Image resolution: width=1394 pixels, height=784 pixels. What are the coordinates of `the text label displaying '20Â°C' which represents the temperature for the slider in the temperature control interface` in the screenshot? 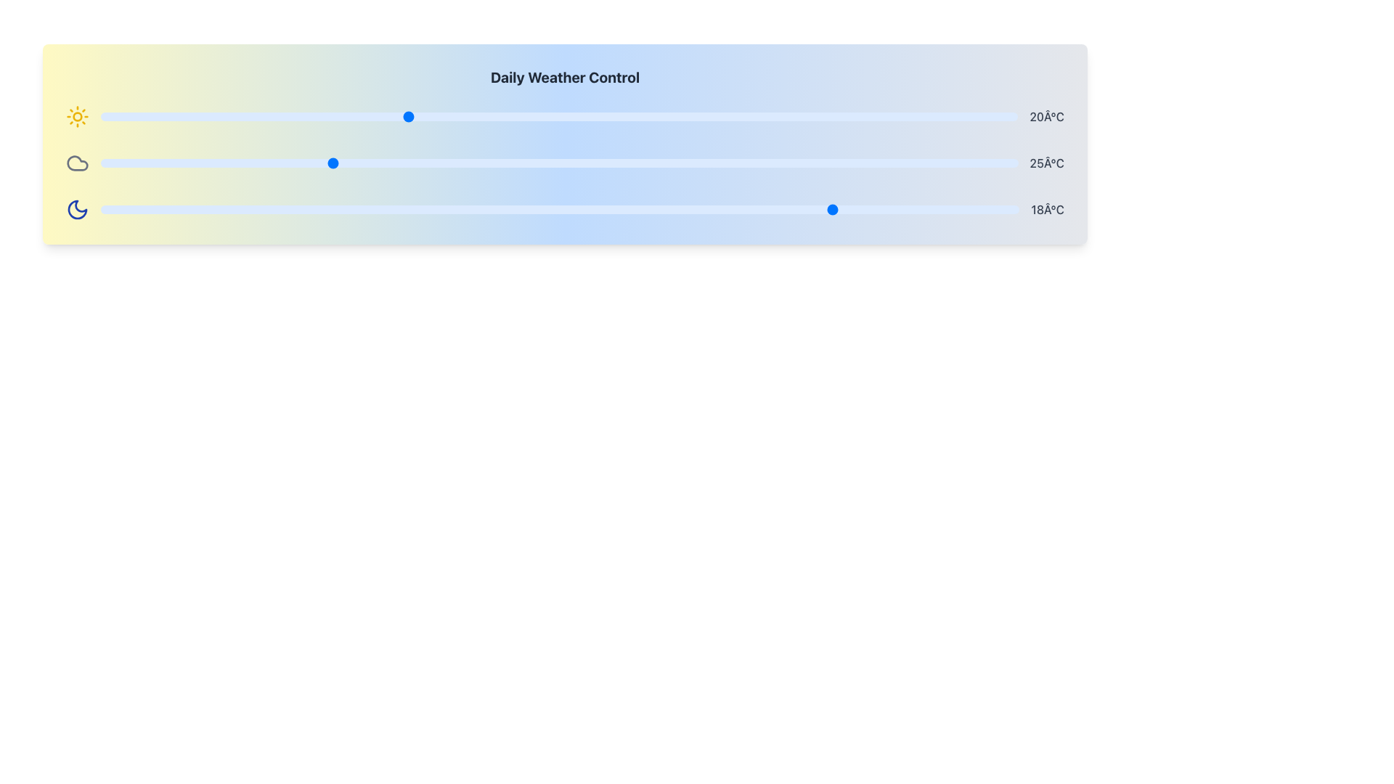 It's located at (1047, 116).